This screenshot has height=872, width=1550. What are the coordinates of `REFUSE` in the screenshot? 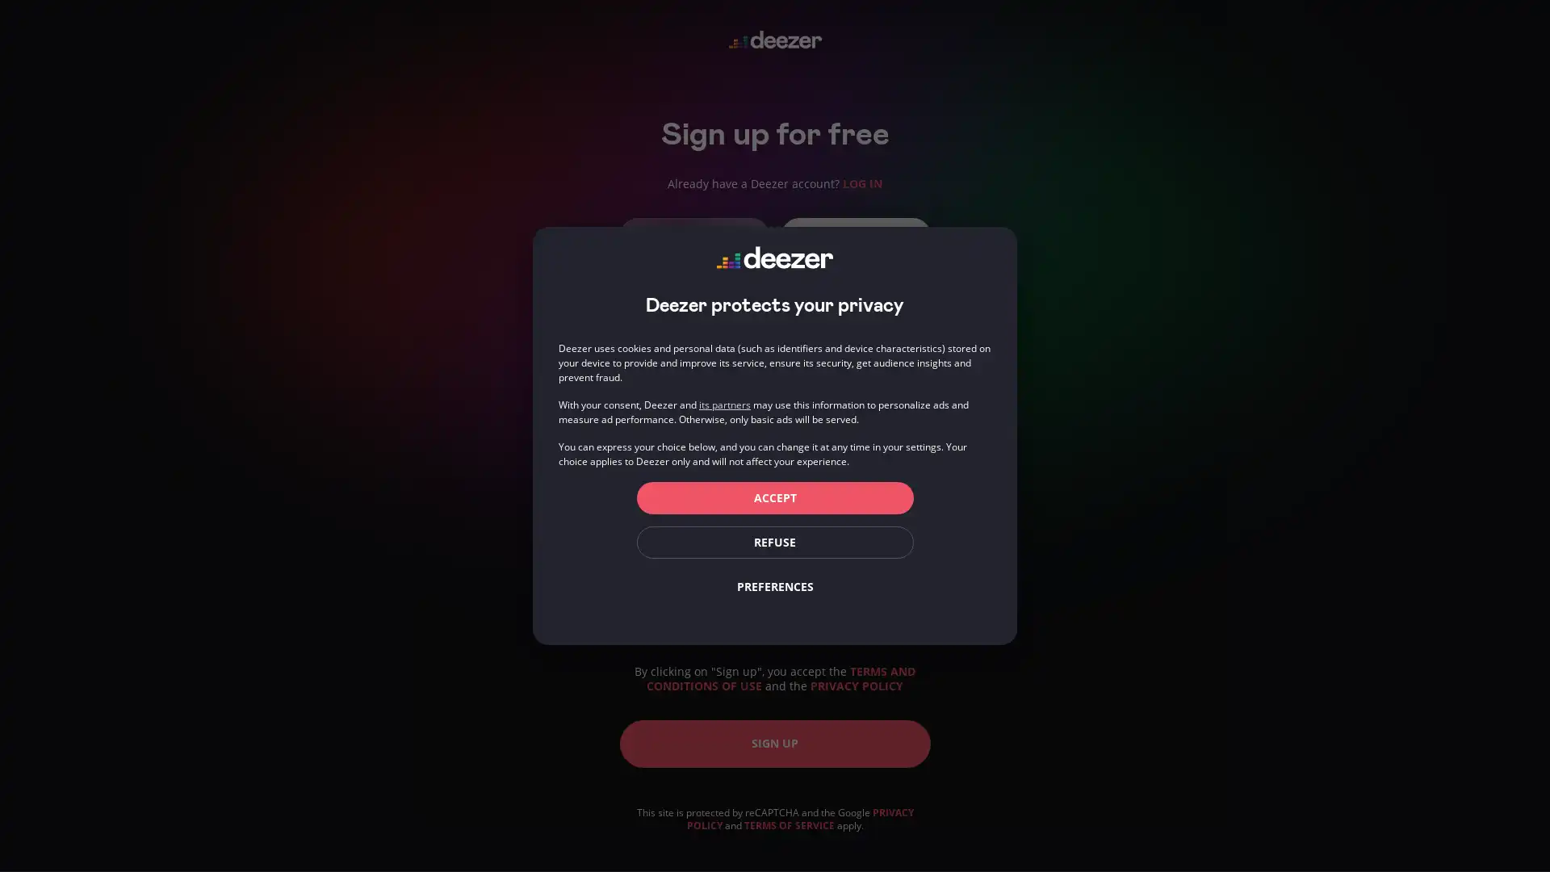 It's located at (773, 542).